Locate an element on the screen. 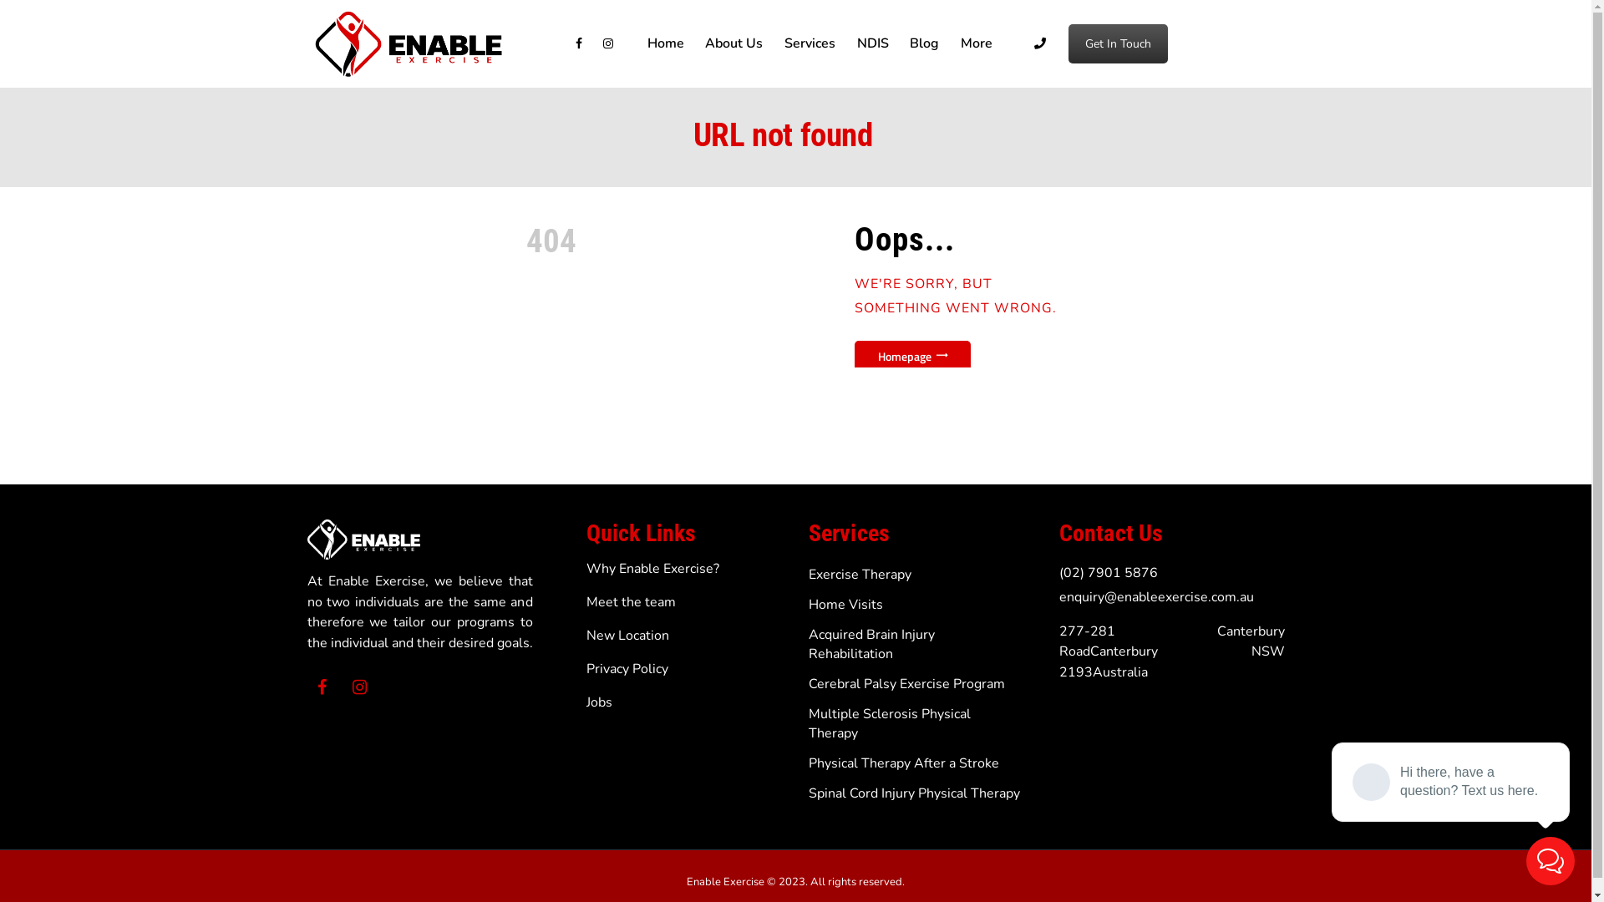  'Get In Touch' is located at coordinates (1118, 43).